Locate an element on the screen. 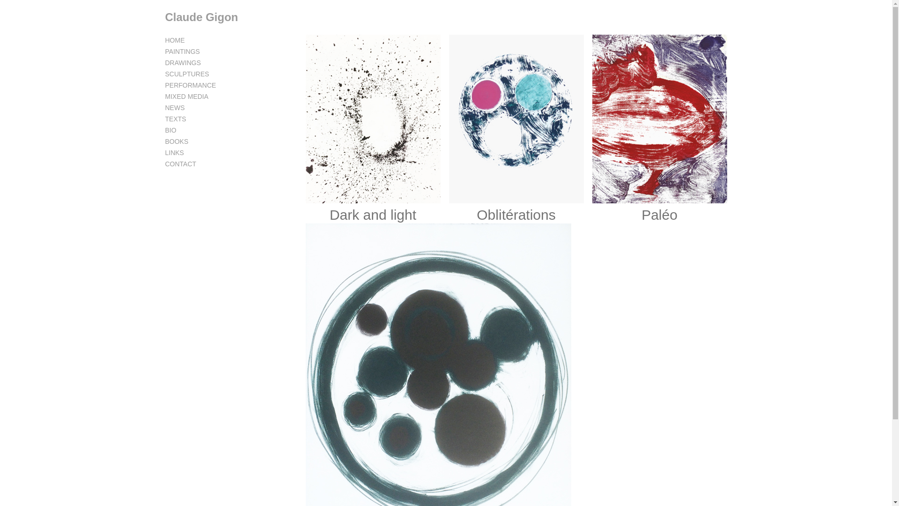 This screenshot has height=506, width=899. 'SCULPTURES' is located at coordinates (186, 74).